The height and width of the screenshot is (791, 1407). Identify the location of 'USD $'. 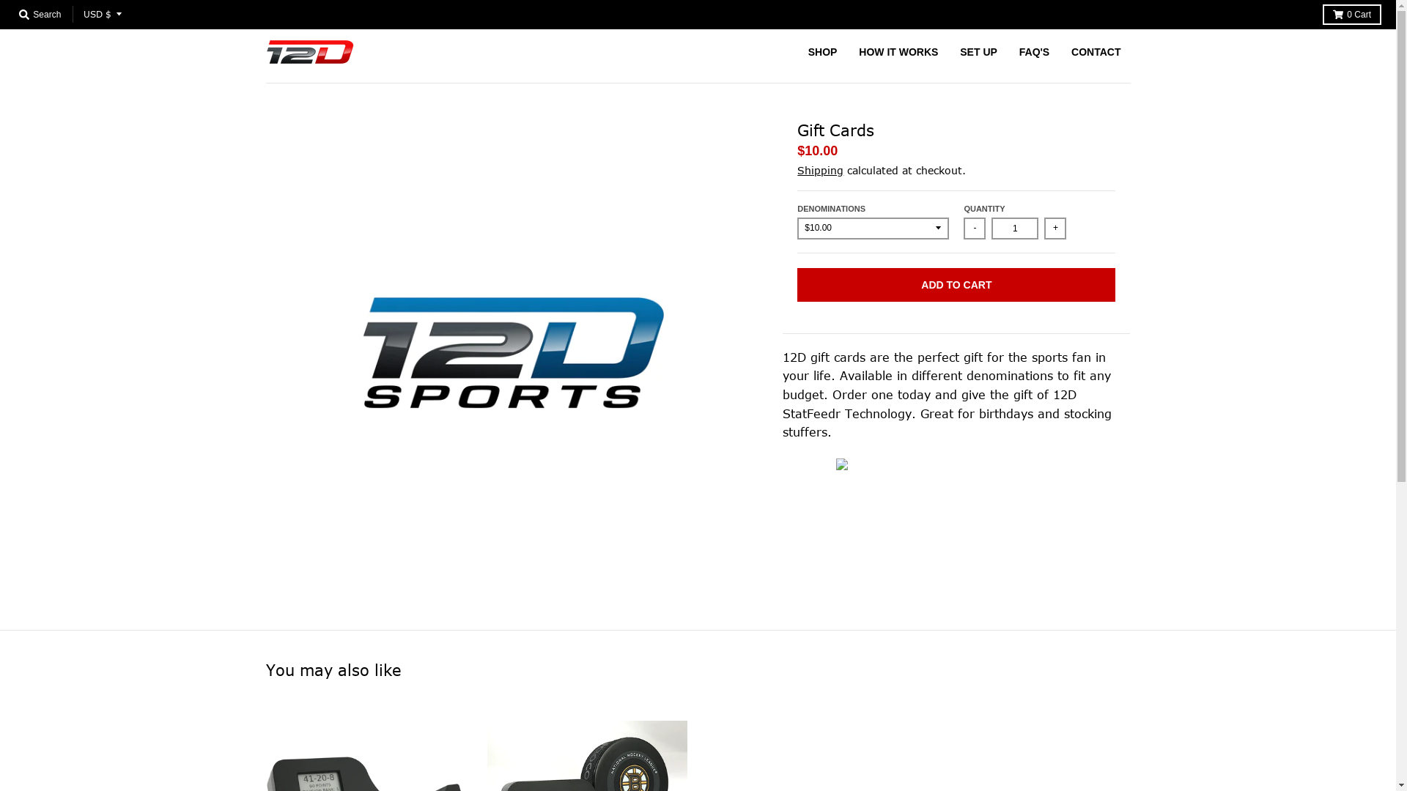
(76, 14).